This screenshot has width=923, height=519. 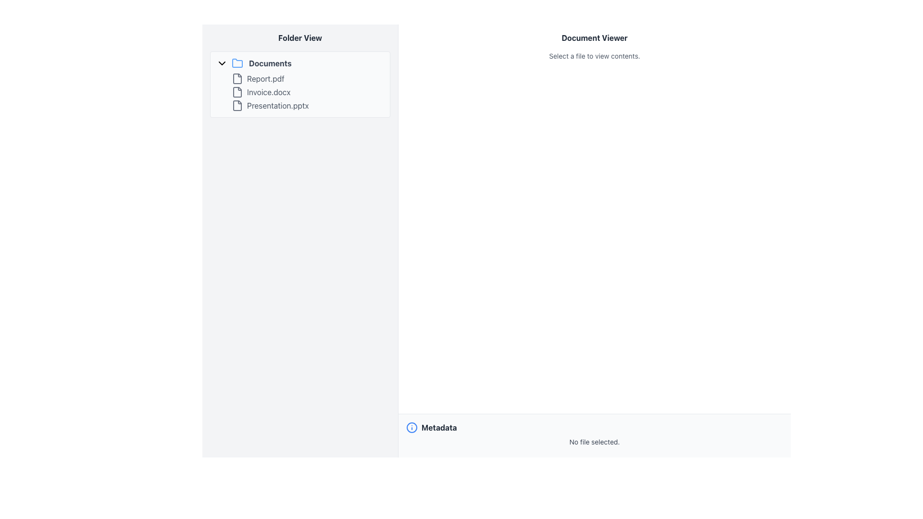 What do you see at coordinates (221, 63) in the screenshot?
I see `the downward-pointing chevron icon located to the left of the blue folder icon for 'Documents' in the 'Folder View' panel` at bounding box center [221, 63].